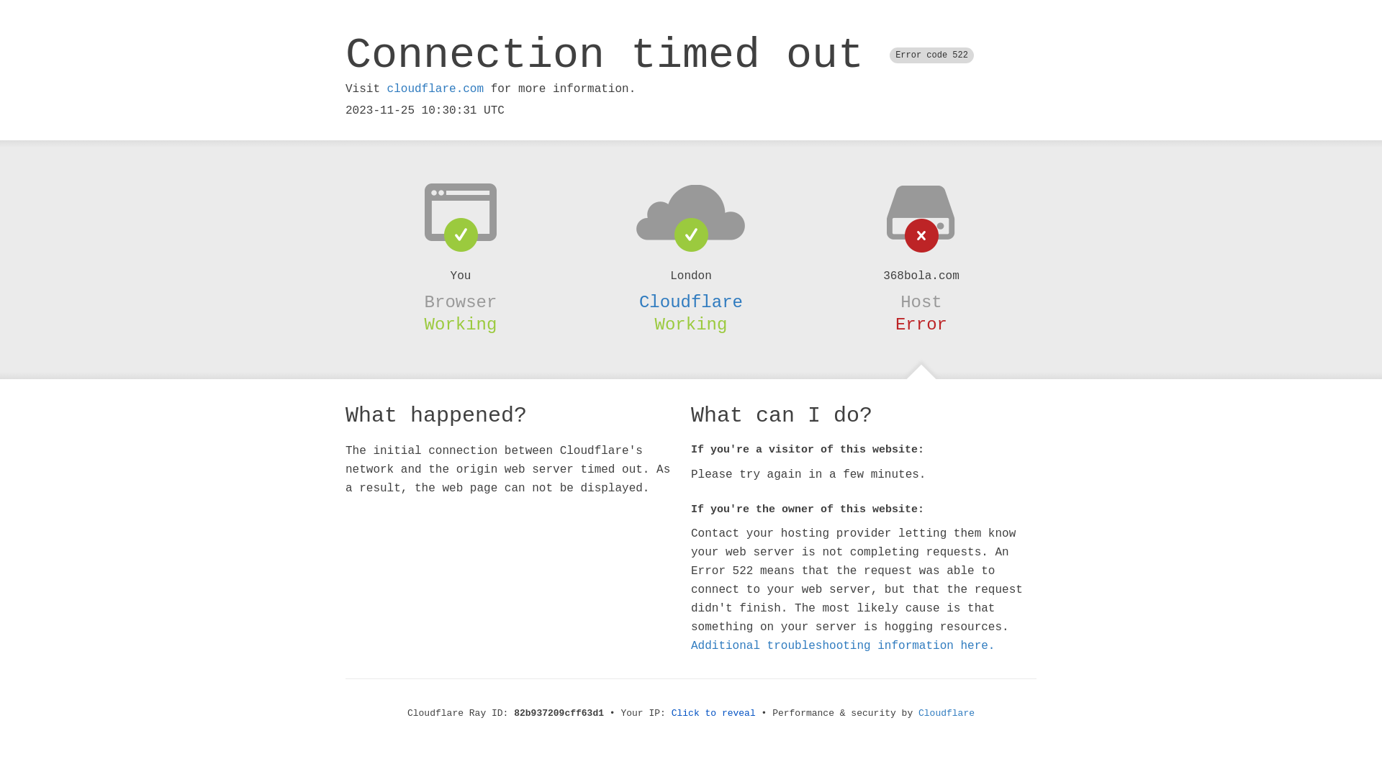 This screenshot has width=1382, height=777. I want to click on 'Click to reveal', so click(713, 713).